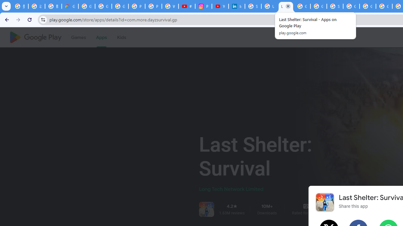 This screenshot has width=403, height=226. I want to click on 'Privacy Help Center - Policies Help', so click(153, 6).